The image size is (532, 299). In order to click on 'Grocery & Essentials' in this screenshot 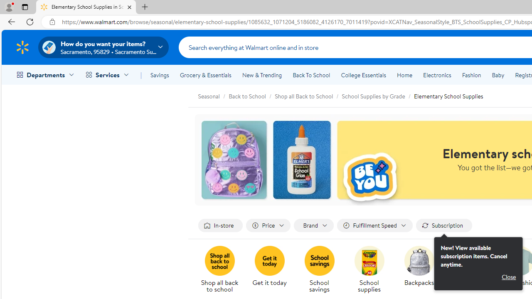, I will do `click(205, 75)`.